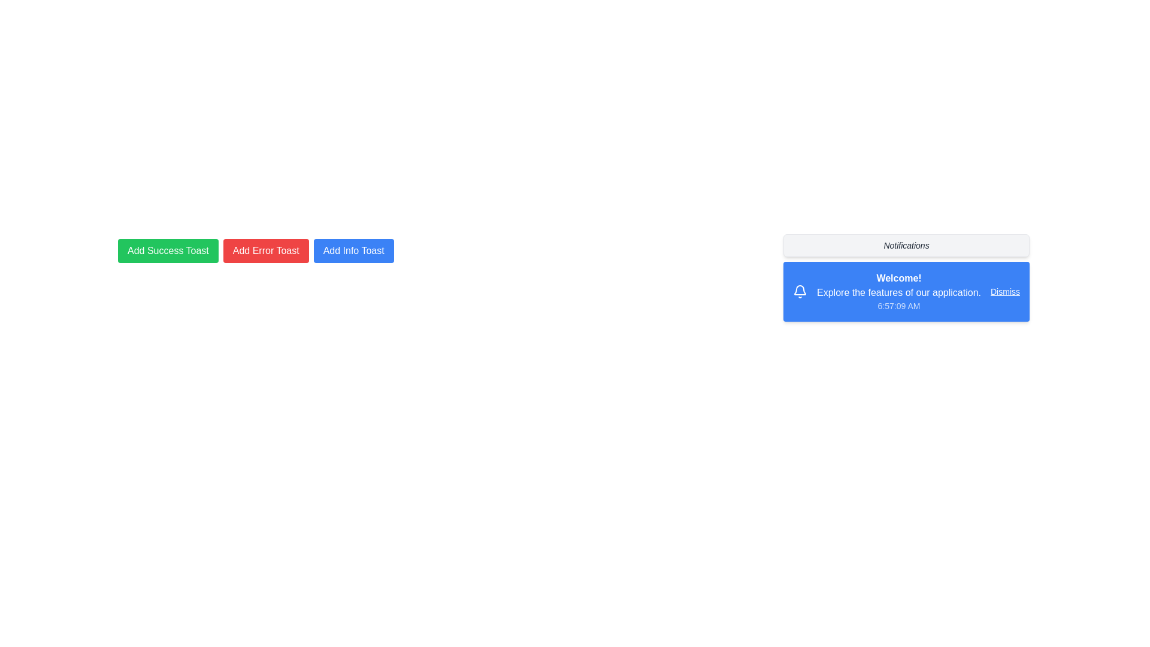  What do you see at coordinates (899, 305) in the screenshot?
I see `the static text element displaying '6:57:09 AM' located in the bottom section of the blue notification element` at bounding box center [899, 305].